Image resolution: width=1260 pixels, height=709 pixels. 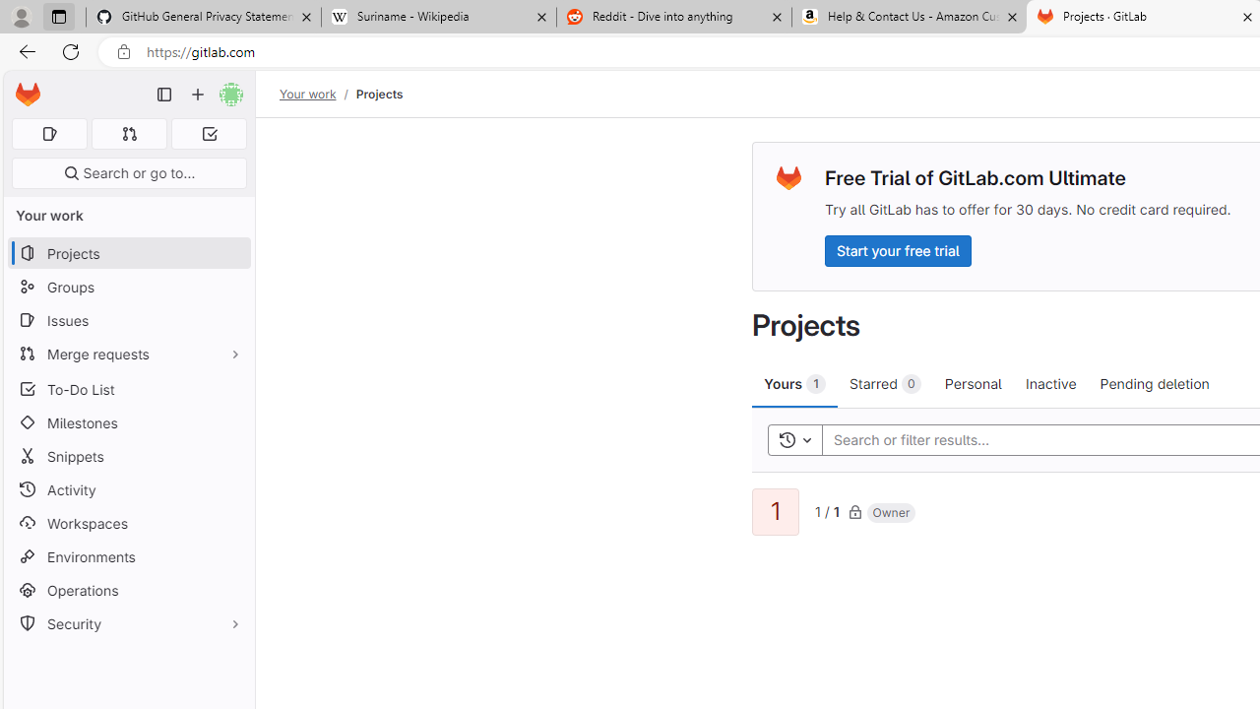 I want to click on 'Security', so click(x=128, y=623).